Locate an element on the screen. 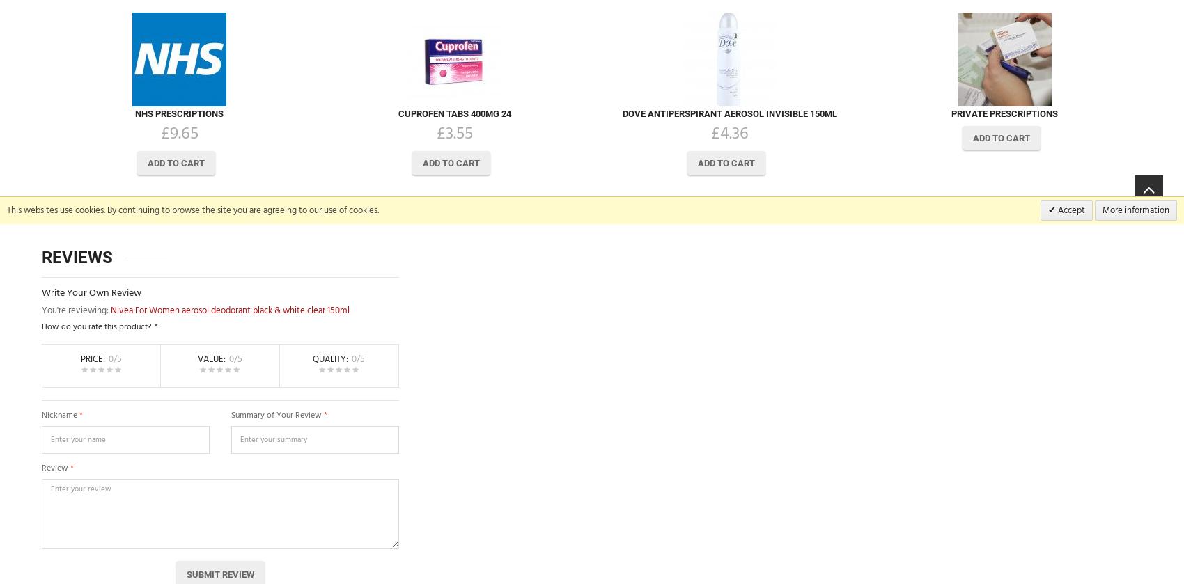  'Private Prescriptions' is located at coordinates (1004, 113).